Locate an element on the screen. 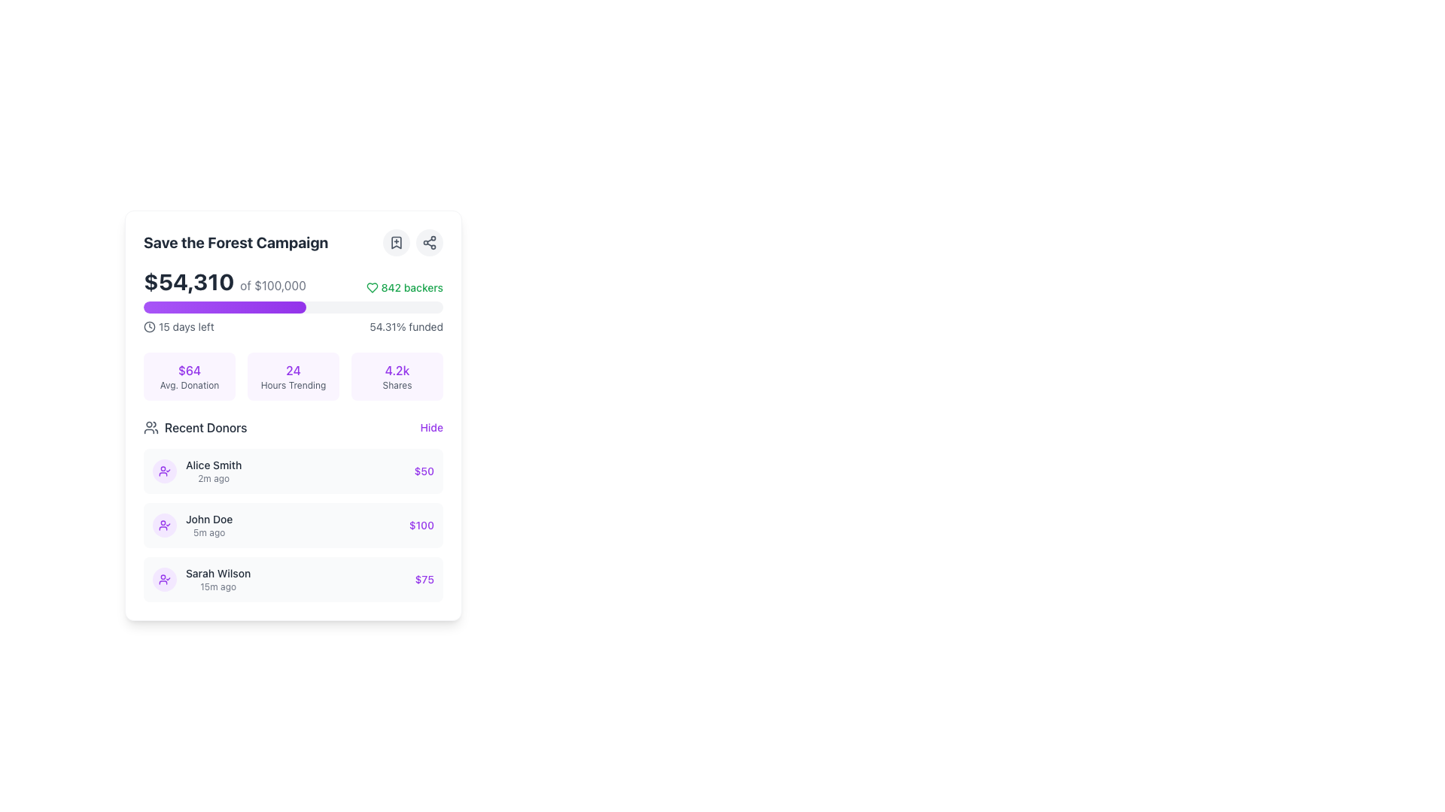 The width and height of the screenshot is (1445, 812). the heart icon representing a favorite action for the campaign, located in the top-right corner near the '842 backers' text is located at coordinates (372, 287).